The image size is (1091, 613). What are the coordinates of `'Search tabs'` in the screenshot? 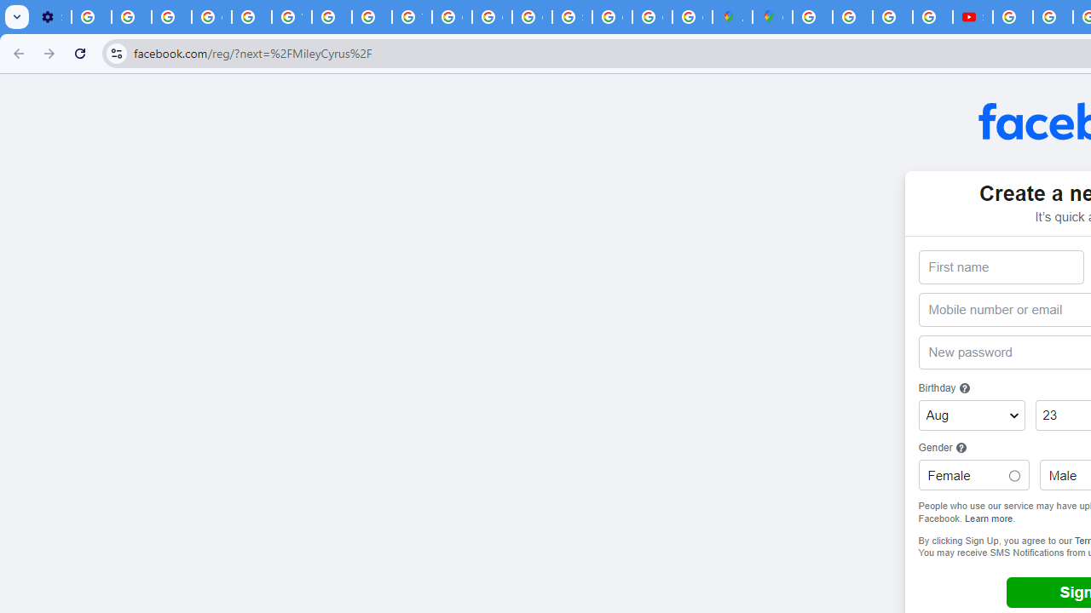 It's located at (17, 17).